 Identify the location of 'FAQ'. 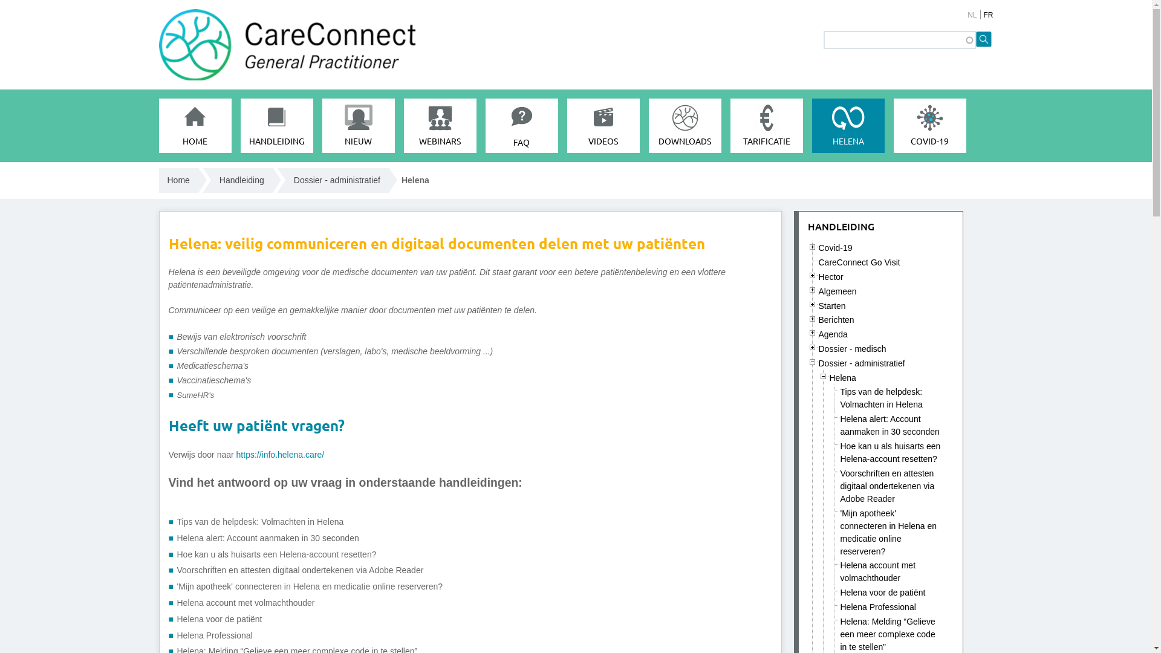
(521, 126).